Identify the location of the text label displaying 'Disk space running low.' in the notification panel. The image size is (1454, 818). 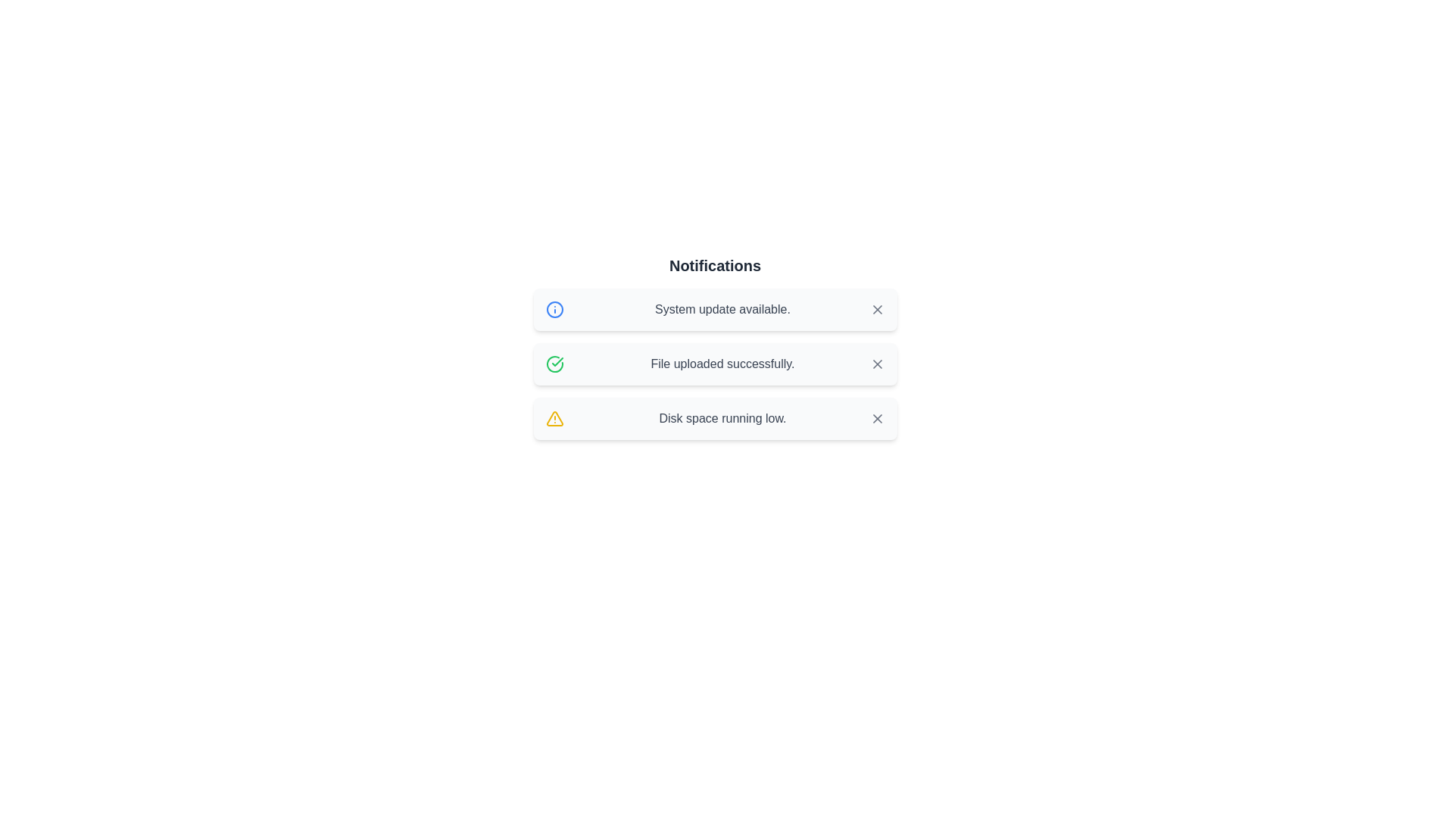
(722, 418).